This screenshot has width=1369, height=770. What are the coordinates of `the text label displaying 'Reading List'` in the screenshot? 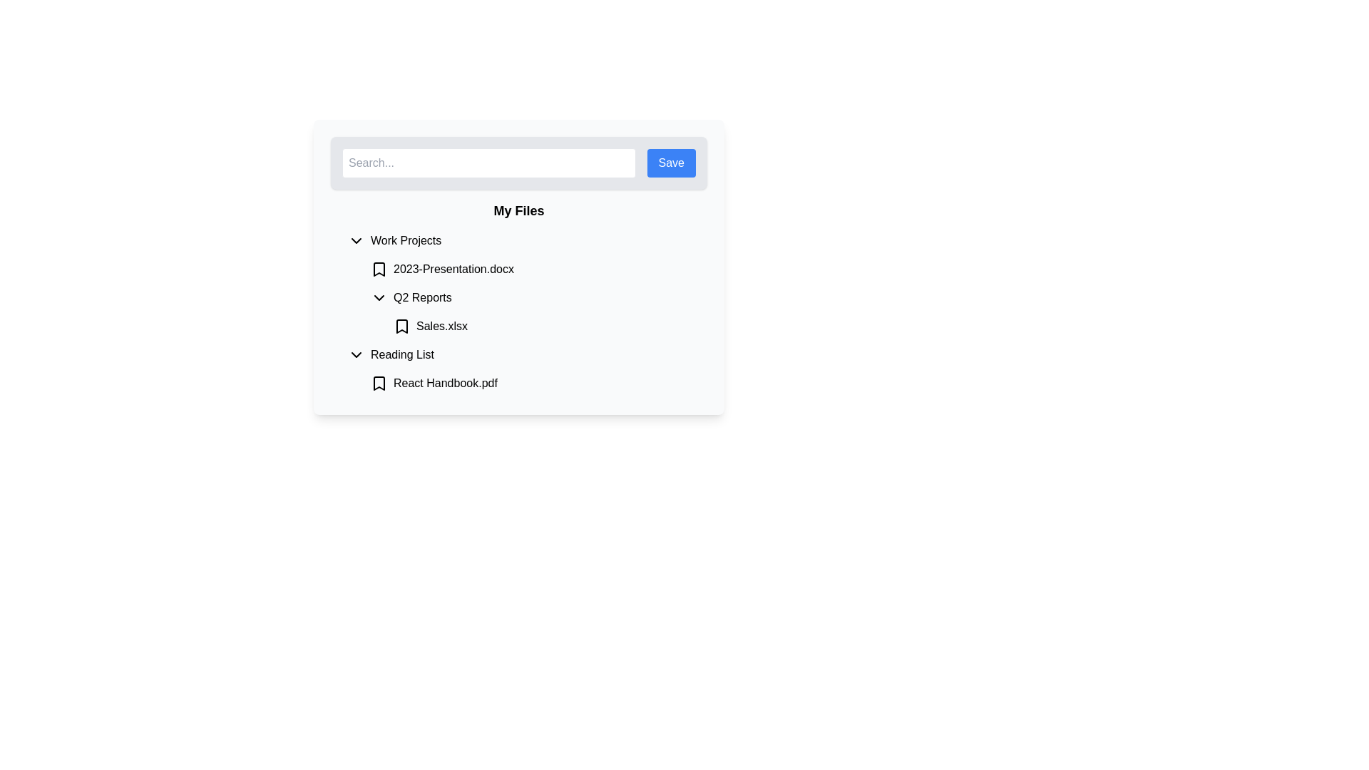 It's located at (401, 354).